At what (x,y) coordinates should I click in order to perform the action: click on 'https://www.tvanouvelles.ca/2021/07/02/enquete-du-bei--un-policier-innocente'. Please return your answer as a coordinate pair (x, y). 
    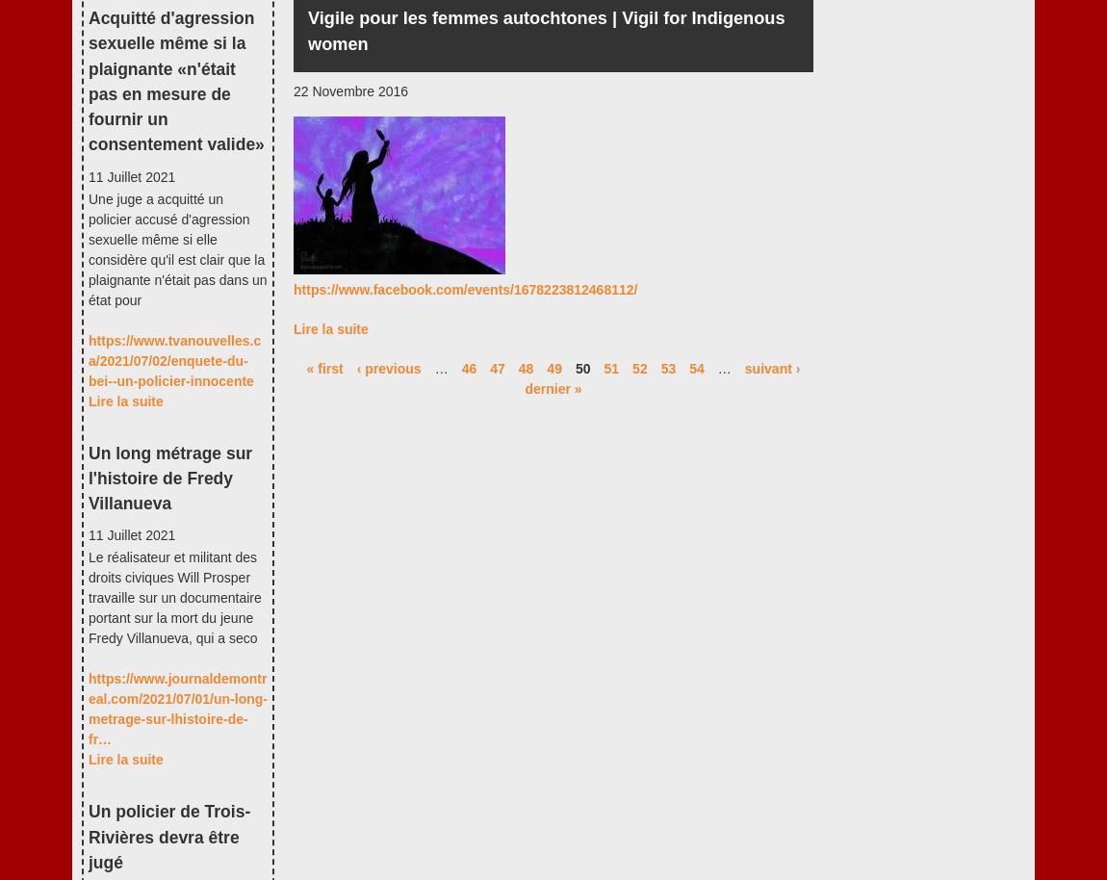
    Looking at the image, I should click on (88, 360).